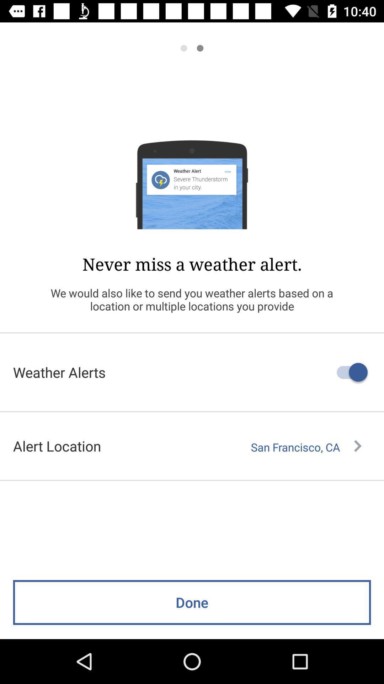 This screenshot has width=384, height=684. Describe the element at coordinates (192, 602) in the screenshot. I see `done` at that location.